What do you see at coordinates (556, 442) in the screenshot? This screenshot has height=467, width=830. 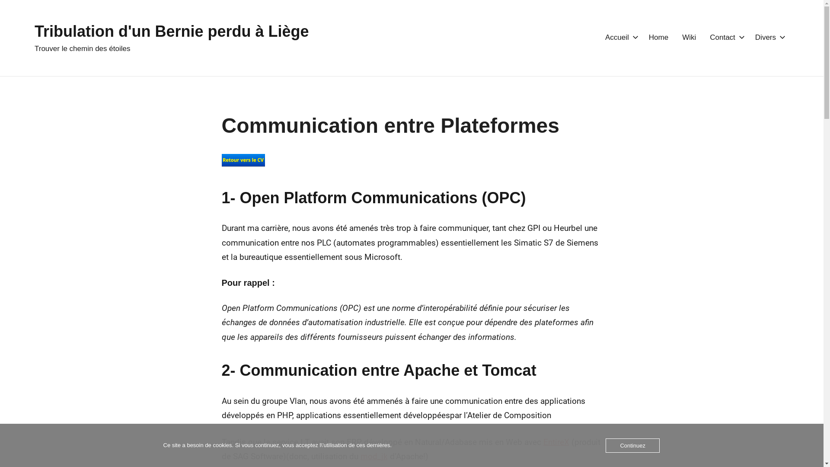 I see `'EntireX'` at bounding box center [556, 442].